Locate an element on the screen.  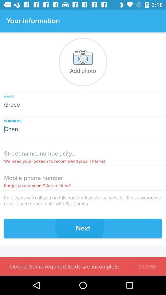
next is located at coordinates (83, 228).